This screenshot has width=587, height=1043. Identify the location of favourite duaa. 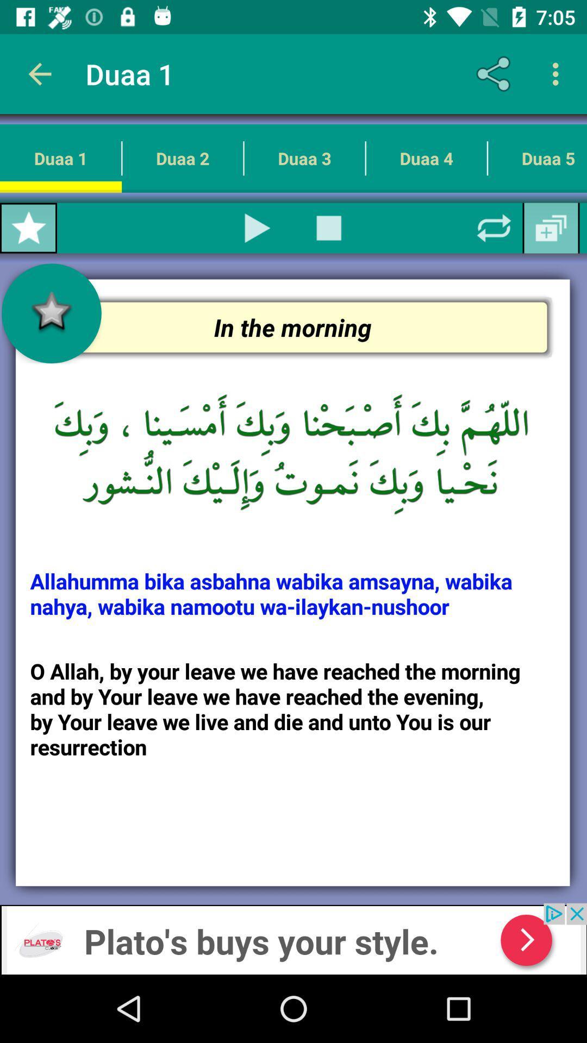
(28, 228).